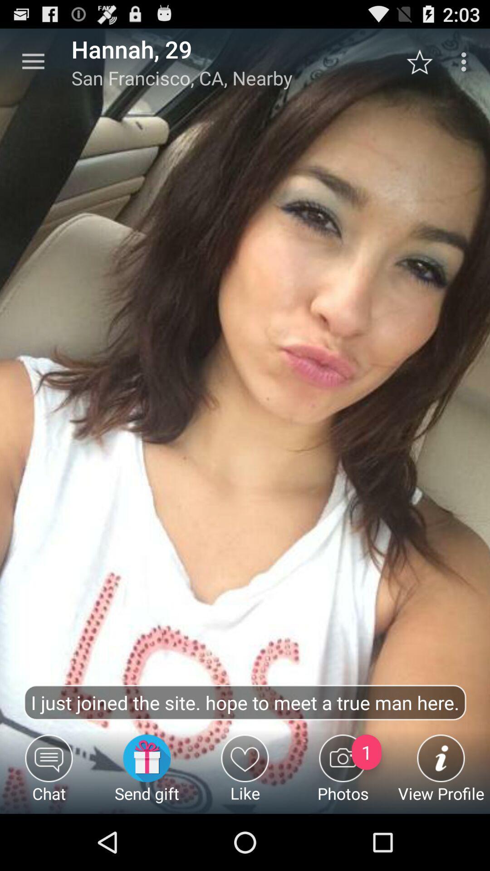 The width and height of the screenshot is (490, 871). Describe the element at coordinates (424, 61) in the screenshot. I see `the icon to the right of the san francisco ca item` at that location.